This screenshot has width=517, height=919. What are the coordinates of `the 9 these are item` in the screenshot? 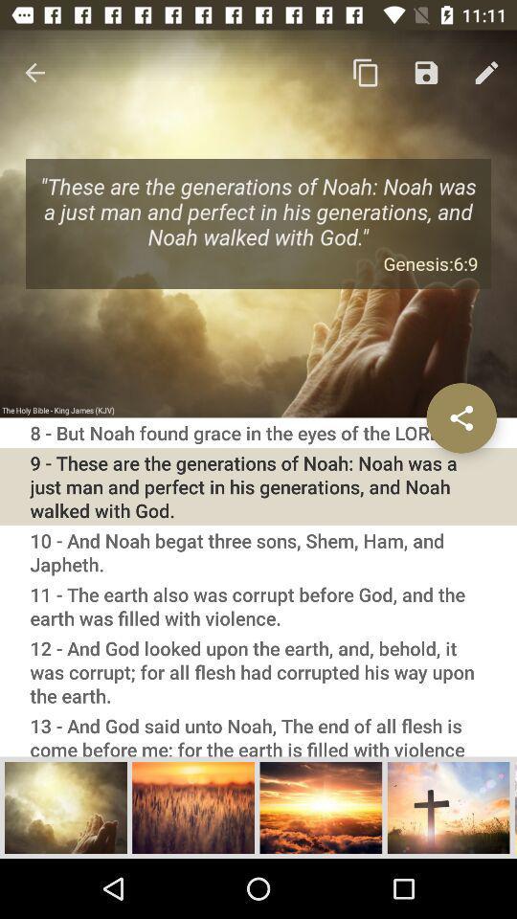 It's located at (258, 485).